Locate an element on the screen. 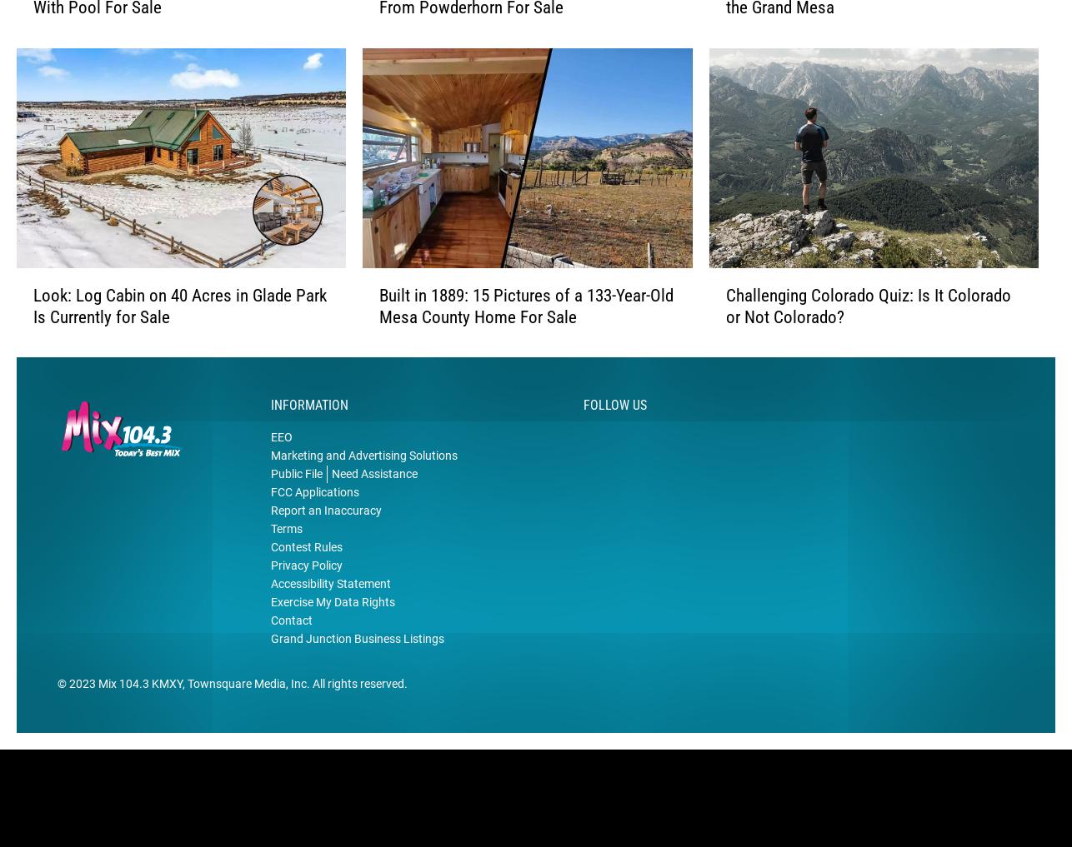 The width and height of the screenshot is (1072, 847). 'Marketing and Advertising Solutions' is located at coordinates (363, 481).